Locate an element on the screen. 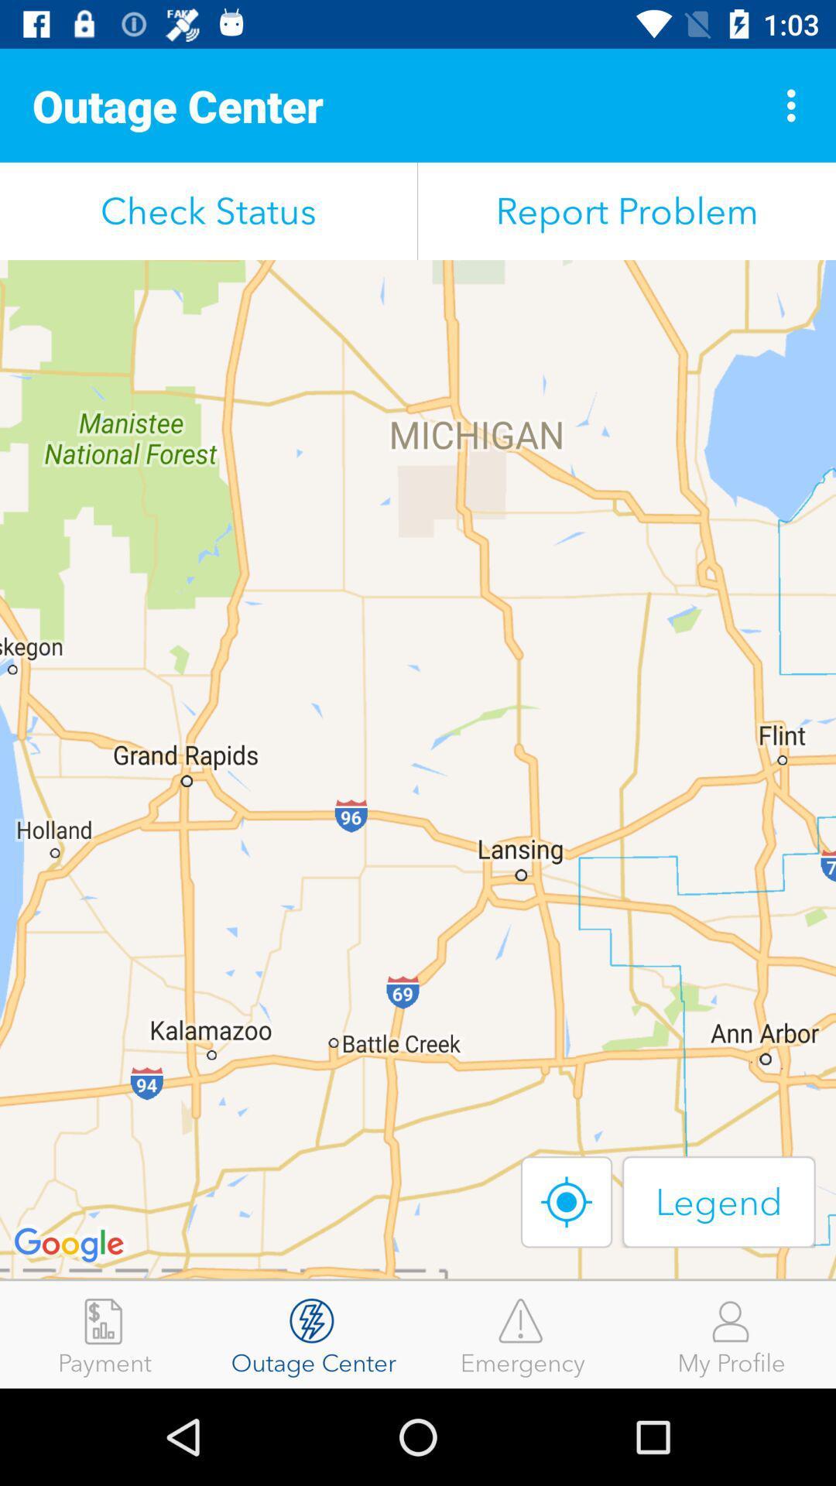  legend button is located at coordinates (719, 1201).